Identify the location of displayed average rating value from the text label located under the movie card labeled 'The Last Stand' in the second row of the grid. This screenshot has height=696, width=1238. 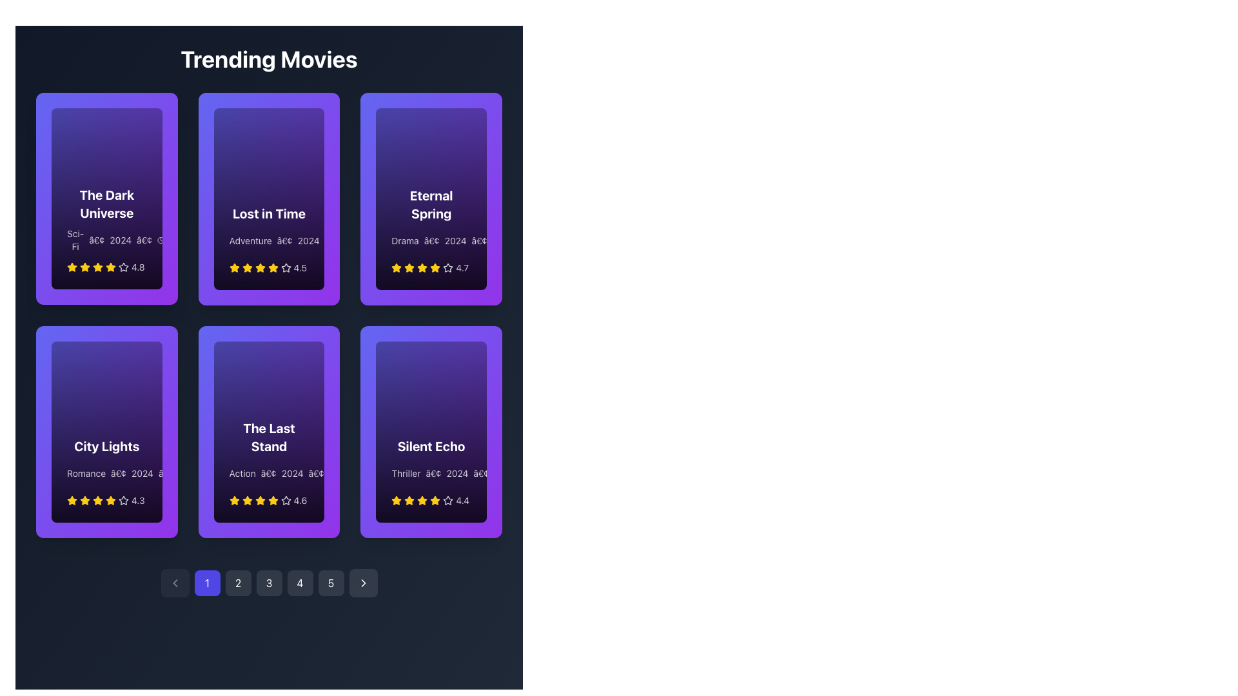
(299, 499).